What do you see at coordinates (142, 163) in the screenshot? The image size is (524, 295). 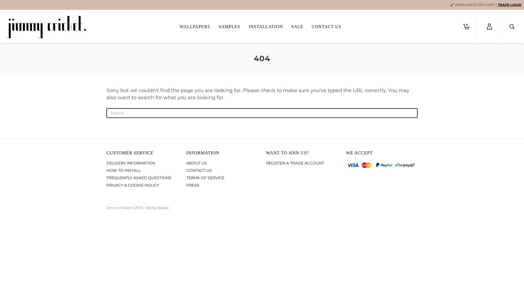 I see `'DELIVERY INFORMATION'` at bounding box center [142, 163].